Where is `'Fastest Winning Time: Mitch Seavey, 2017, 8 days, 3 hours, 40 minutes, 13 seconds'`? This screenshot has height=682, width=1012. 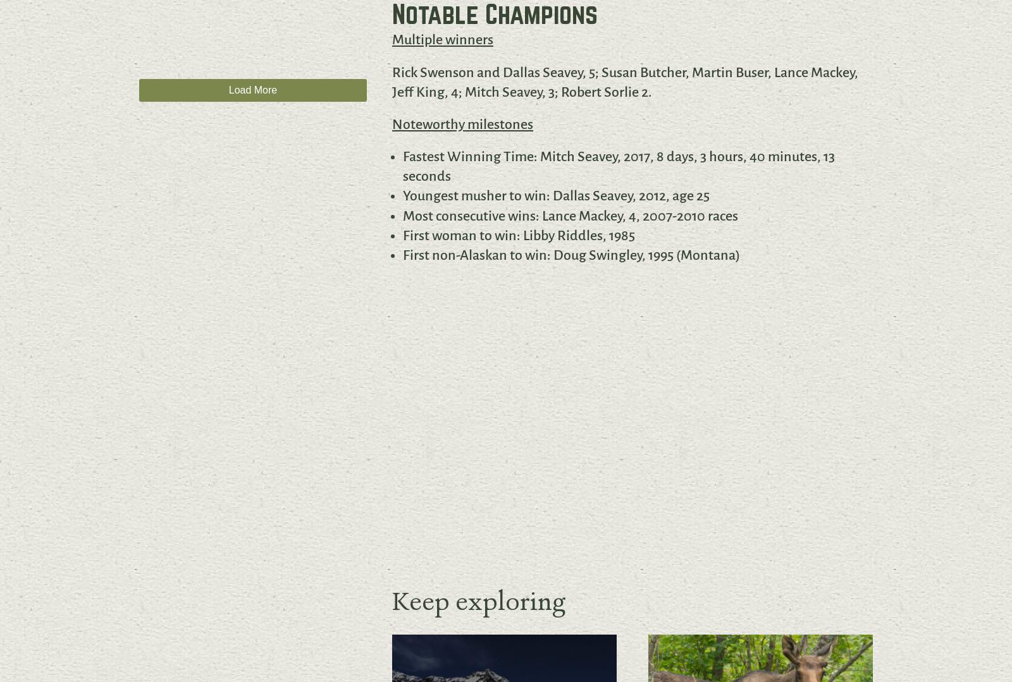 'Fastest Winning Time: Mitch Seavey, 2017, 8 days, 3 hours, 40 minutes, 13 seconds' is located at coordinates (617, 166).